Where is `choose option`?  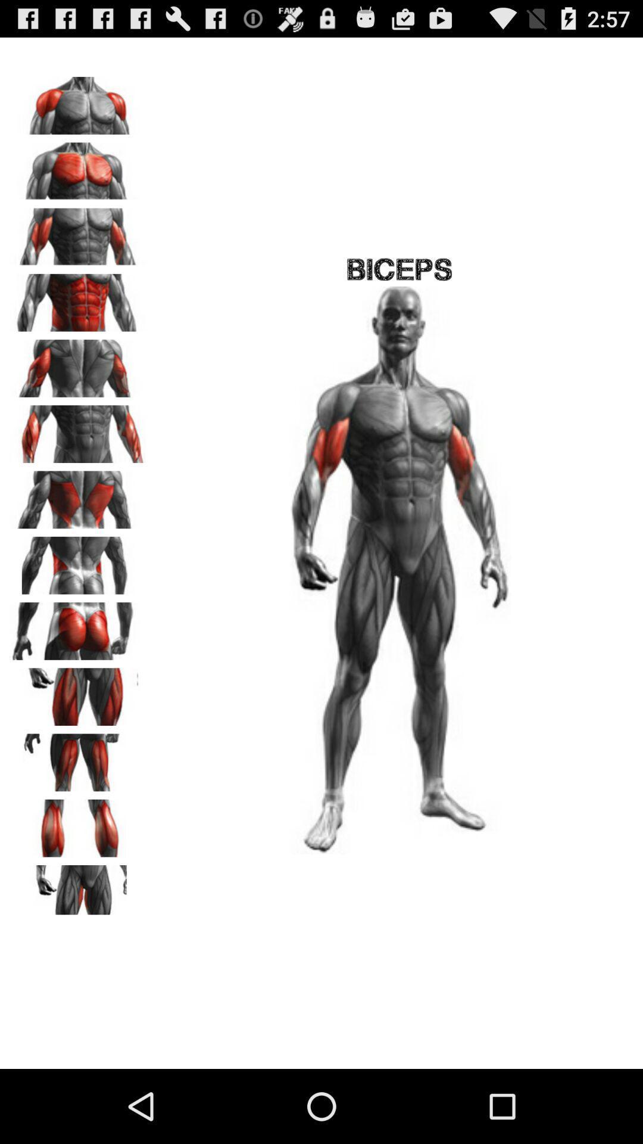
choose option is located at coordinates (78, 299).